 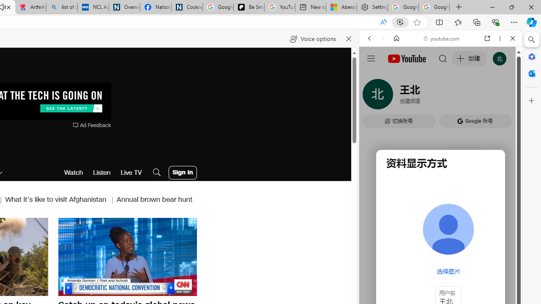 What do you see at coordinates (155, 199) in the screenshot?
I see `'Annual brown bear hunt'` at bounding box center [155, 199].